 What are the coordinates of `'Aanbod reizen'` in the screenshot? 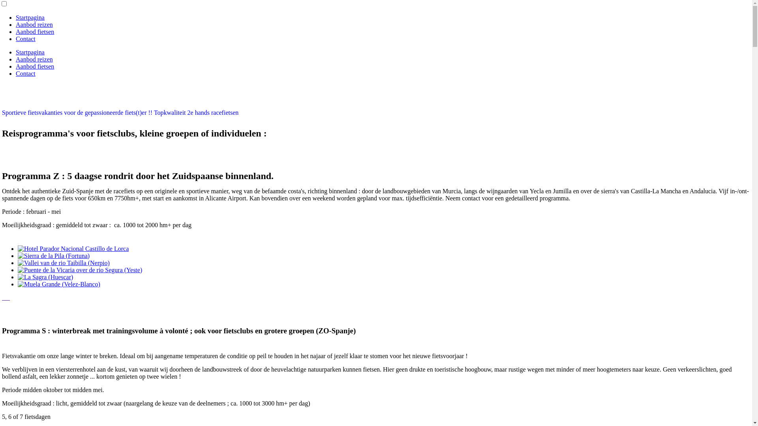 It's located at (34, 59).